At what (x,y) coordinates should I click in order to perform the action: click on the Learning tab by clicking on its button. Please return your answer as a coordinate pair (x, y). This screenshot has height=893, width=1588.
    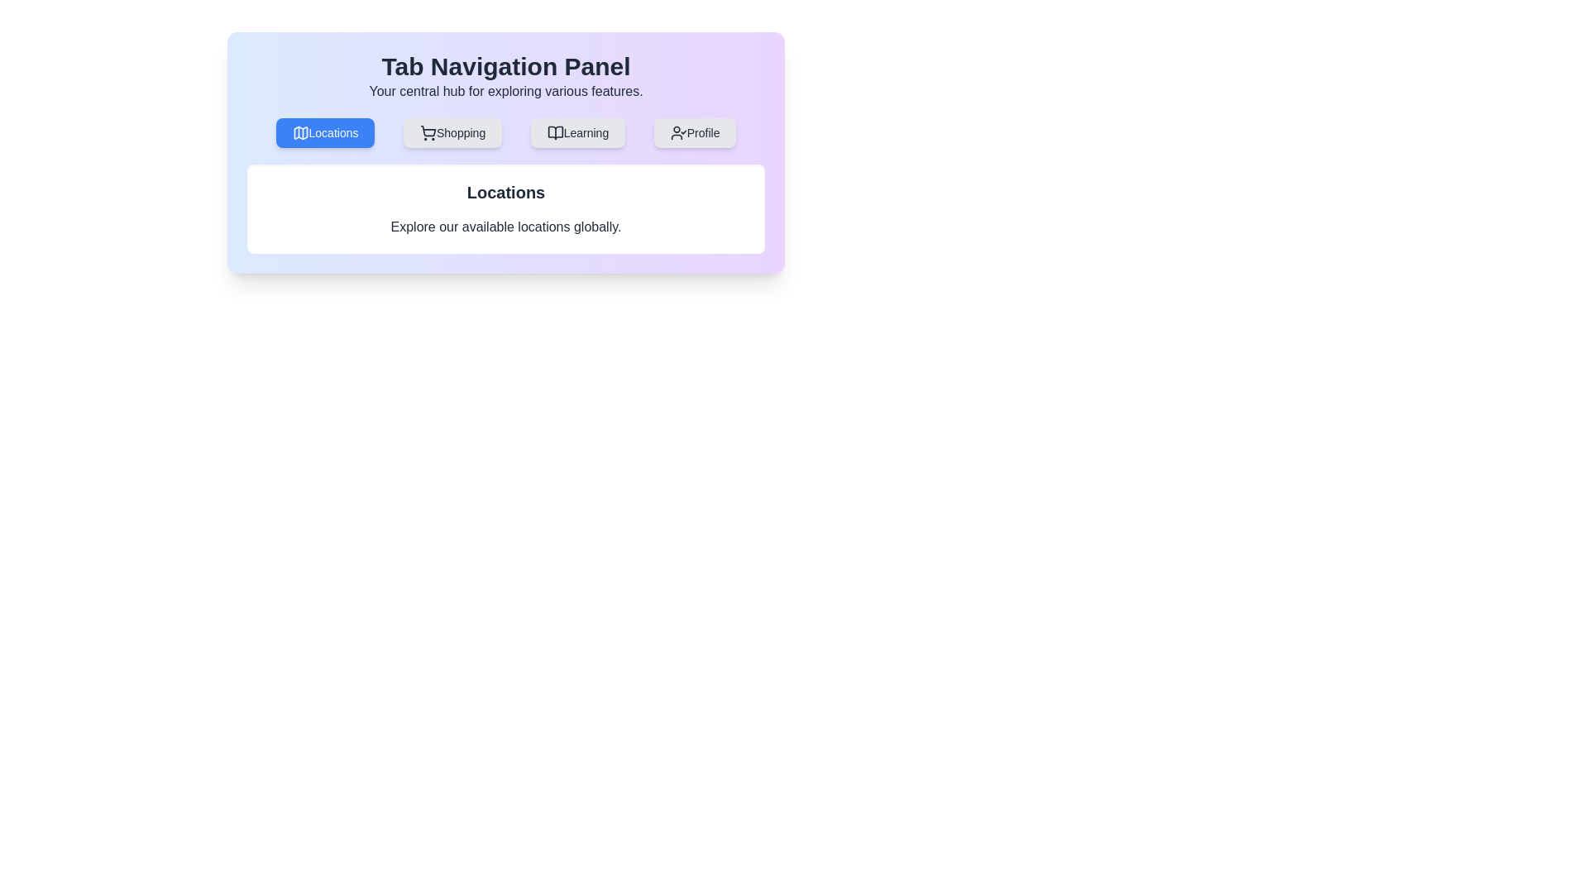
    Looking at the image, I should click on (577, 132).